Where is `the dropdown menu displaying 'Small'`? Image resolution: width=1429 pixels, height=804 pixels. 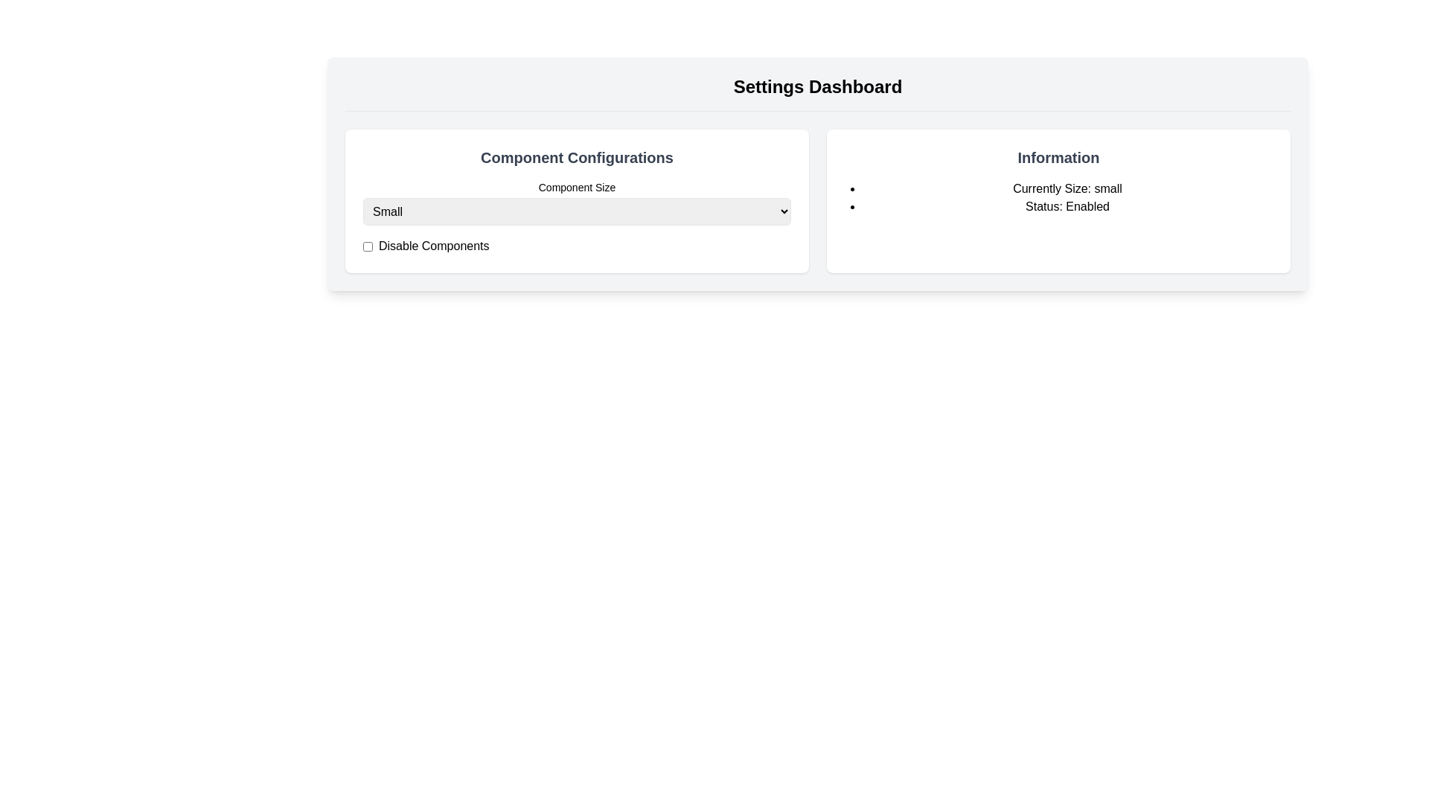
the dropdown menu displaying 'Small' is located at coordinates (576, 211).